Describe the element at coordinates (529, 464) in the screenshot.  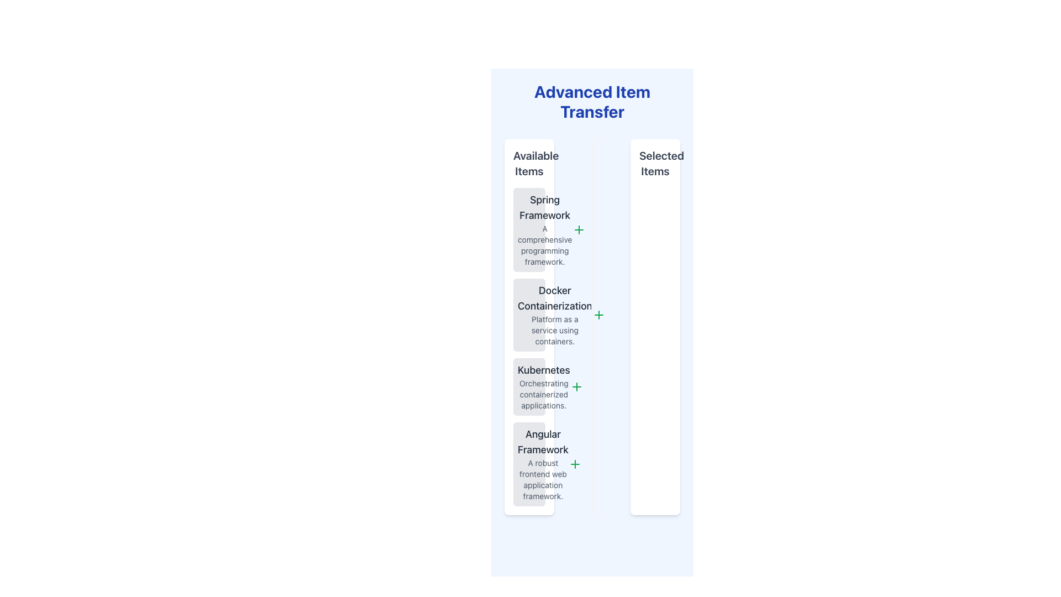
I see `the list item element displaying 'Angular Framework' with a green '+' icon, located in the 'Available Items' section` at that location.